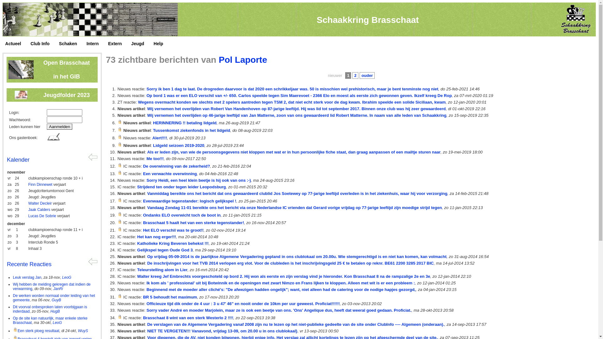 Image resolution: width=603 pixels, height=339 pixels. I want to click on 'Walter Decleir', so click(40, 203).